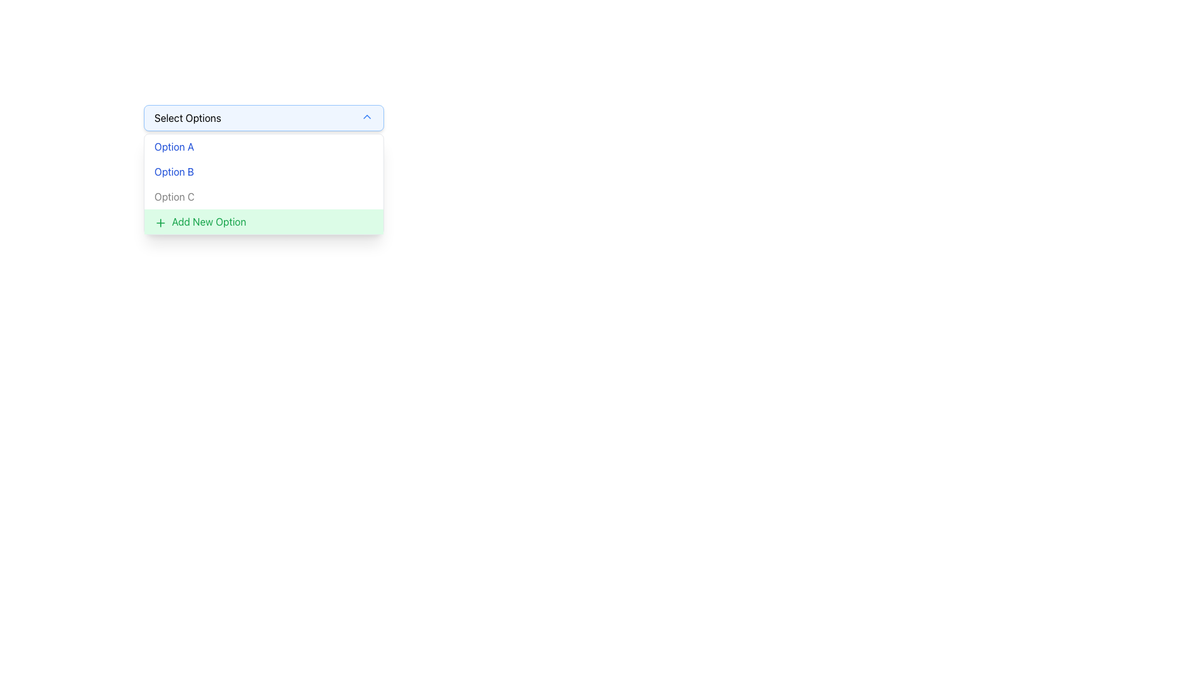  Describe the element at coordinates (173, 146) in the screenshot. I see `the first option in the dropdown menu labeled 'Select Options', which displays a selectable choice` at that location.